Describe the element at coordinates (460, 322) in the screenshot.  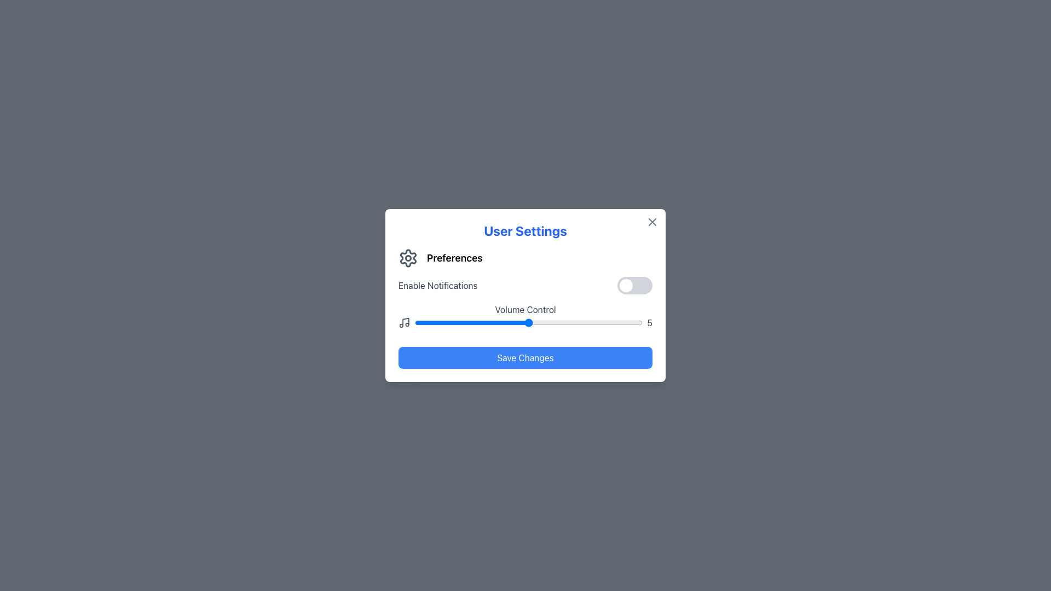
I see `the volume` at that location.